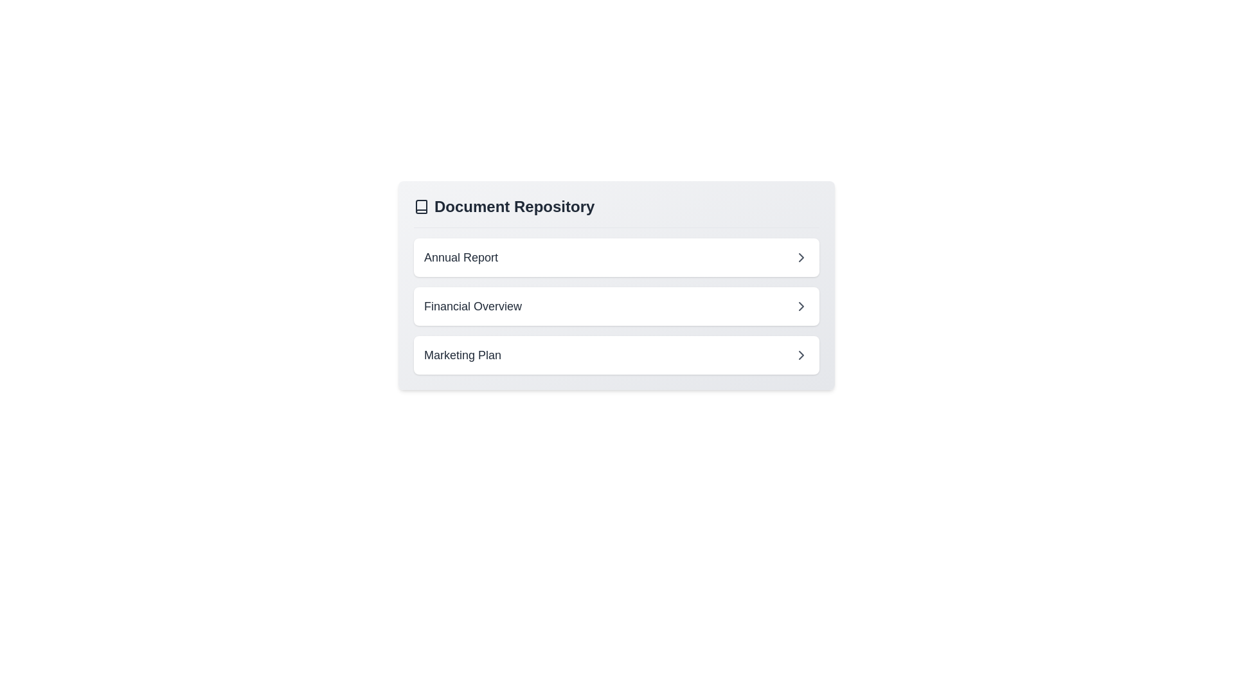  I want to click on the 'Financial Overview' label, which is the second element in the vertically arranged list within the 'Document Repository' section, situated between 'Annual Report' and 'Marketing Plan', so click(472, 307).